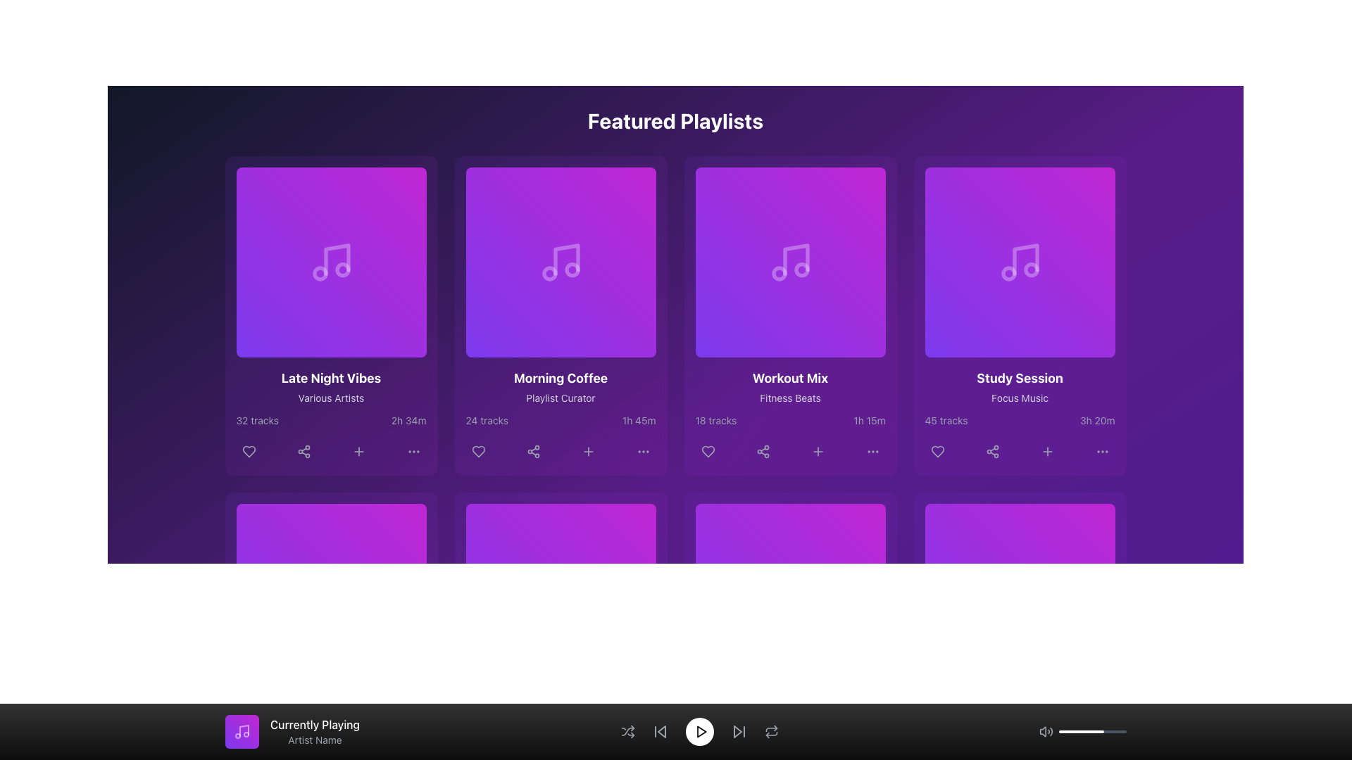  I want to click on the Interactive Icon (Ellipsis) represented by three circular dots in white against a purple background, located at the bottom right of the 'Late Night Vibes' playlist card, so click(413, 451).